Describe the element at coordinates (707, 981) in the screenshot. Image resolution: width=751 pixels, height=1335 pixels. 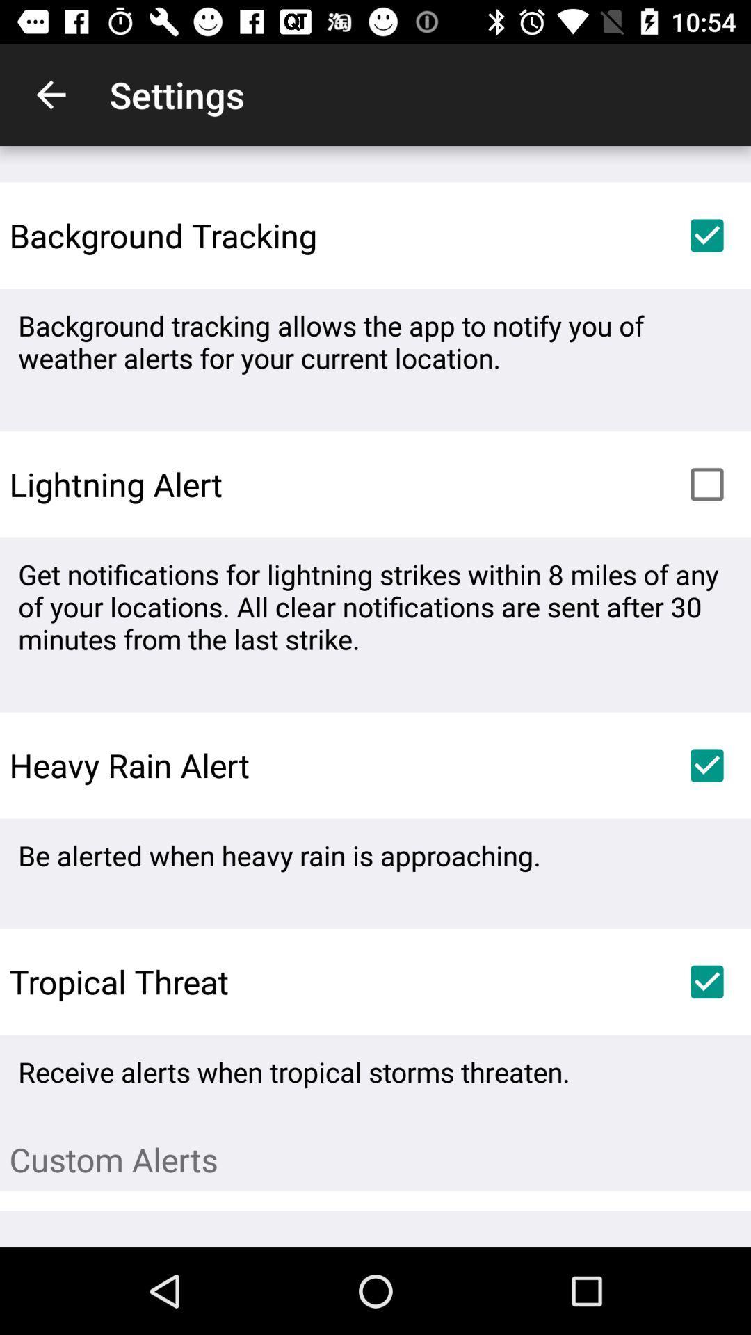
I see `the item next to tropical threat` at that location.